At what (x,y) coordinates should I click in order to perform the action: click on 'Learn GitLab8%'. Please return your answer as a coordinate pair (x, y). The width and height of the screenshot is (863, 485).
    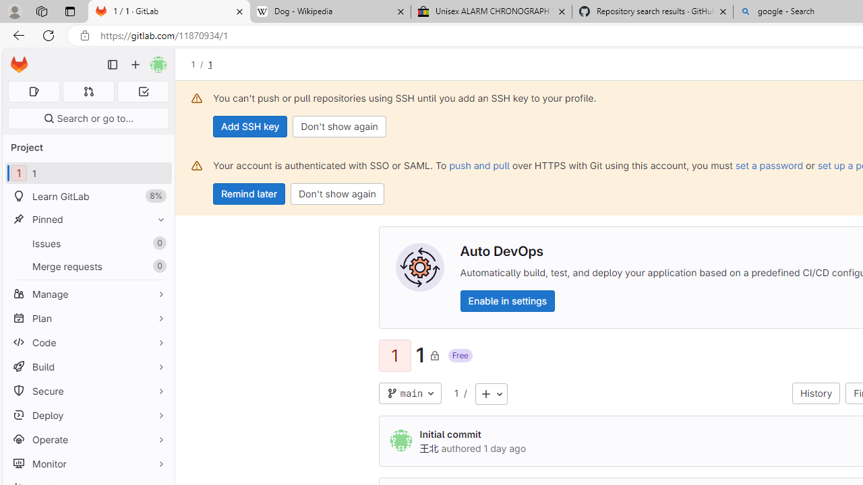
    Looking at the image, I should click on (88, 196).